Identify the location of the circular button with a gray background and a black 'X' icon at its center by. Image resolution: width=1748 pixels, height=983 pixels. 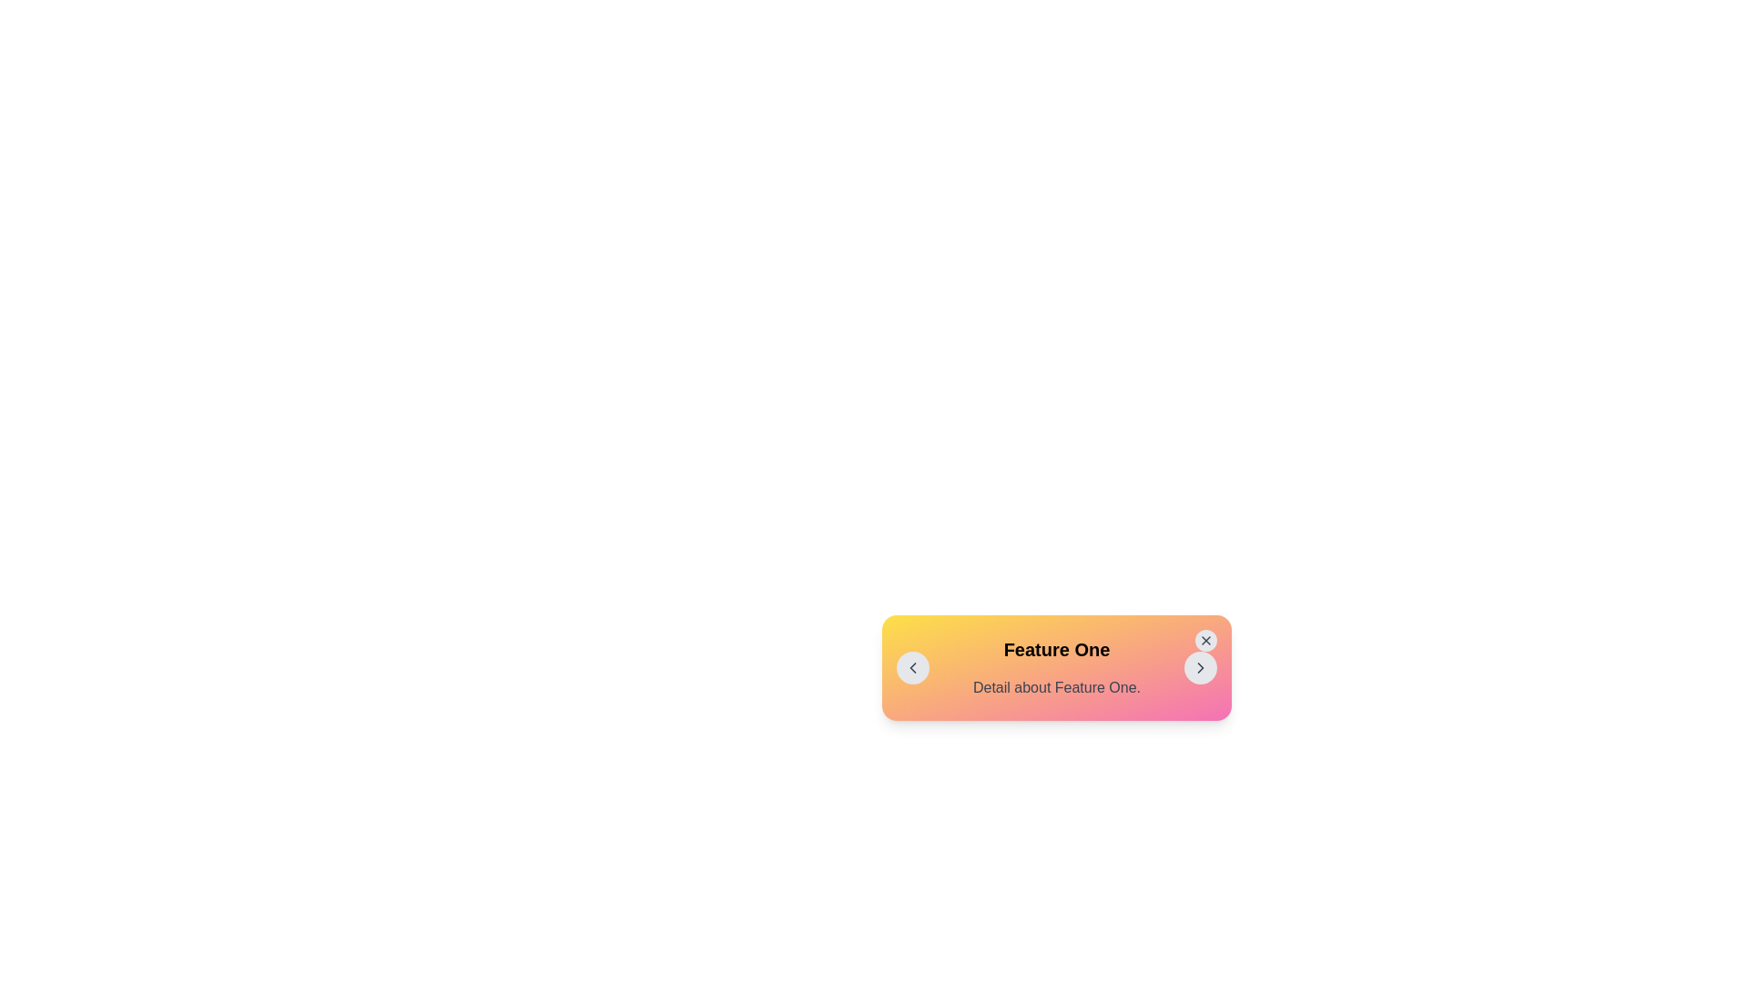
(1205, 640).